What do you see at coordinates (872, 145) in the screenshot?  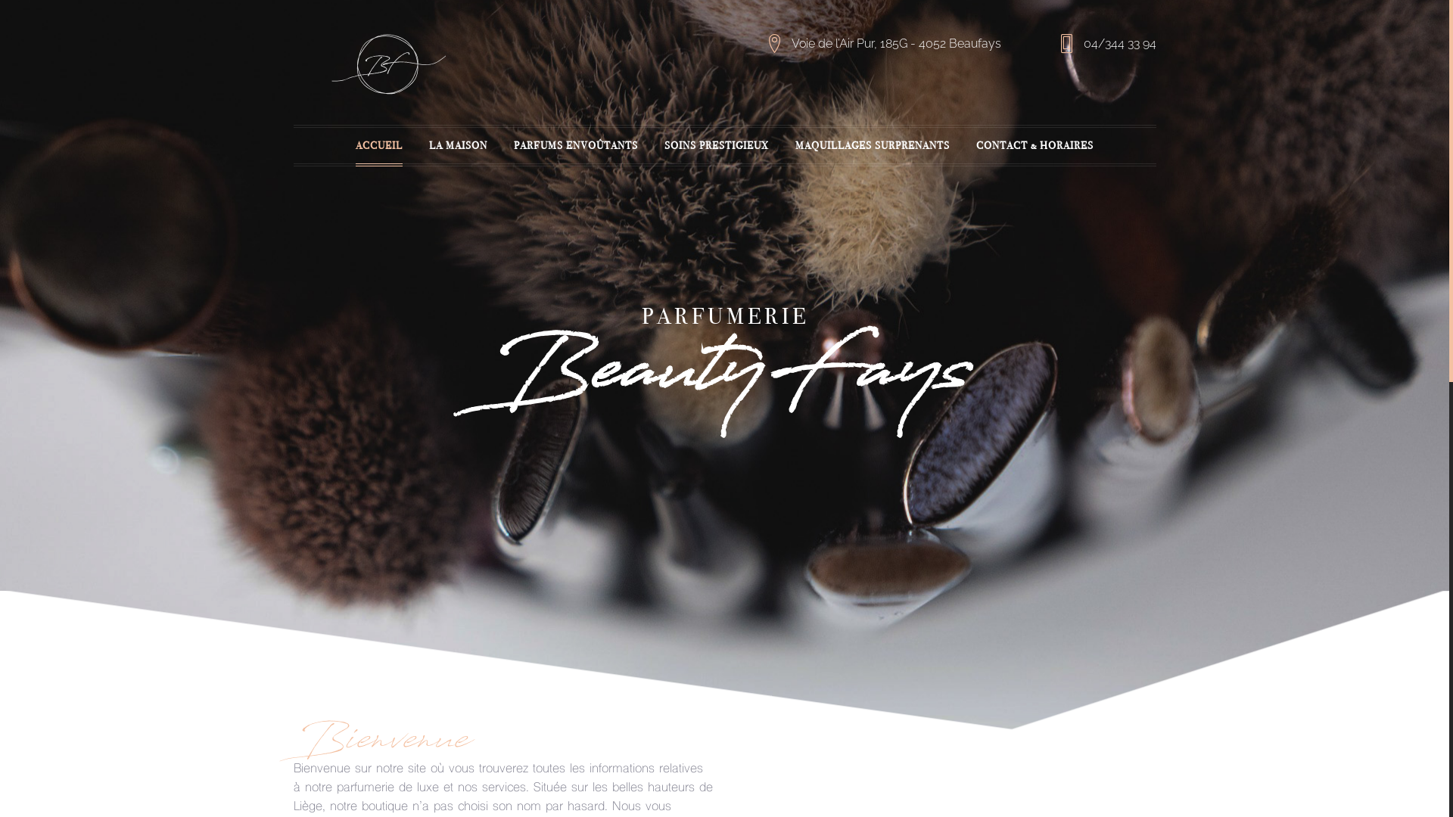 I see `'MAQUILLAGES SURPRENANTS'` at bounding box center [872, 145].